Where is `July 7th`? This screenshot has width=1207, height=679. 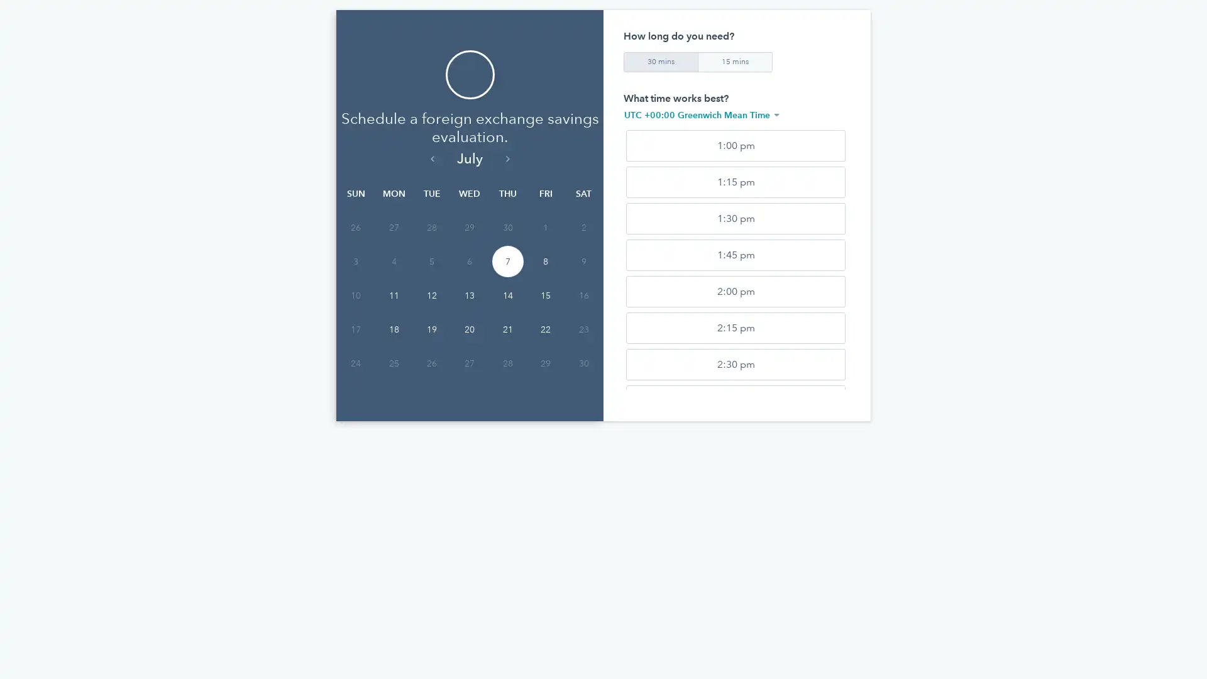 July 7th is located at coordinates (507, 261).